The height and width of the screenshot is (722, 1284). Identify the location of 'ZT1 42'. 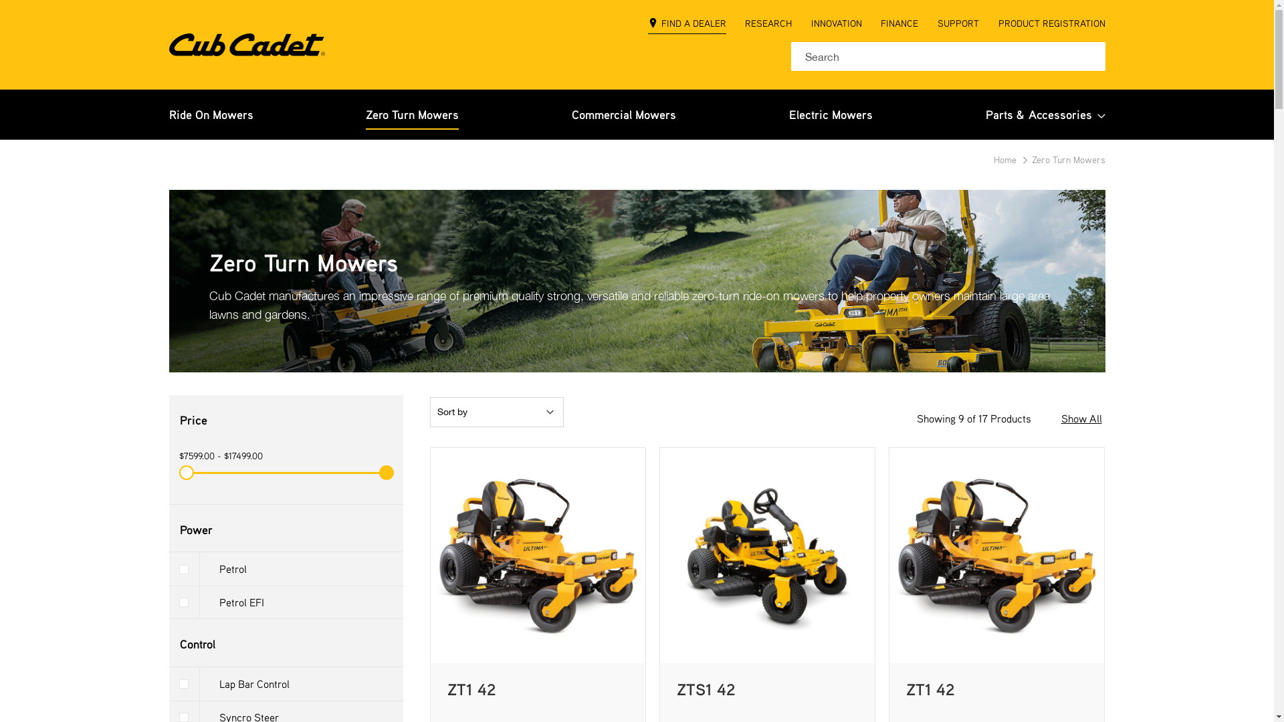
(446, 689).